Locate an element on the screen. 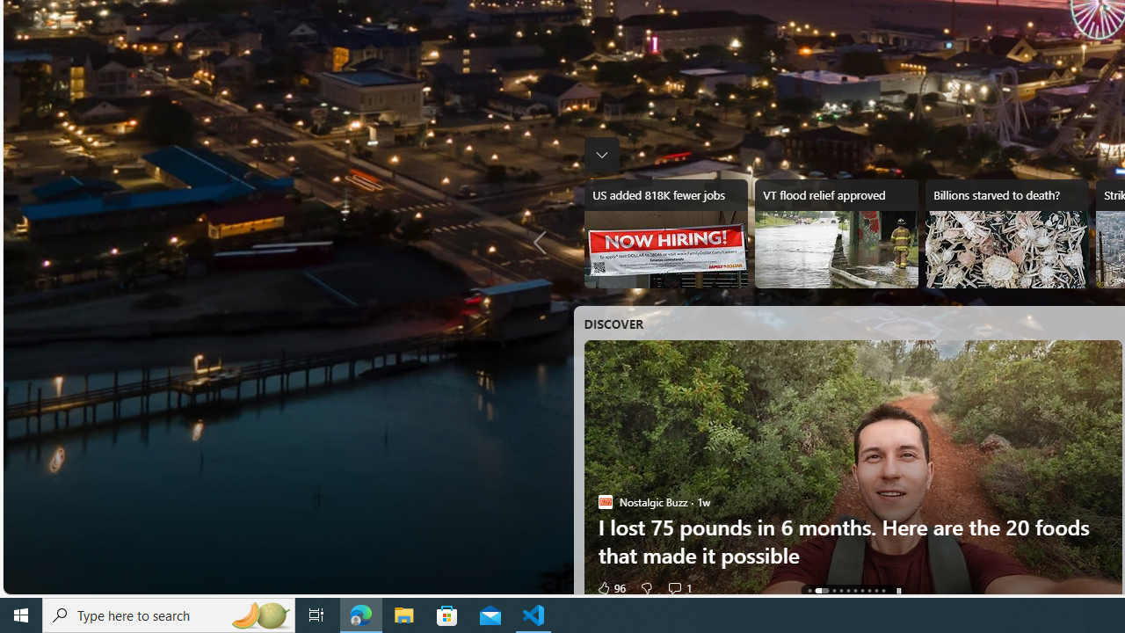 The image size is (1125, 633). 'AutomationID: tab-6' is located at coordinates (862, 591).